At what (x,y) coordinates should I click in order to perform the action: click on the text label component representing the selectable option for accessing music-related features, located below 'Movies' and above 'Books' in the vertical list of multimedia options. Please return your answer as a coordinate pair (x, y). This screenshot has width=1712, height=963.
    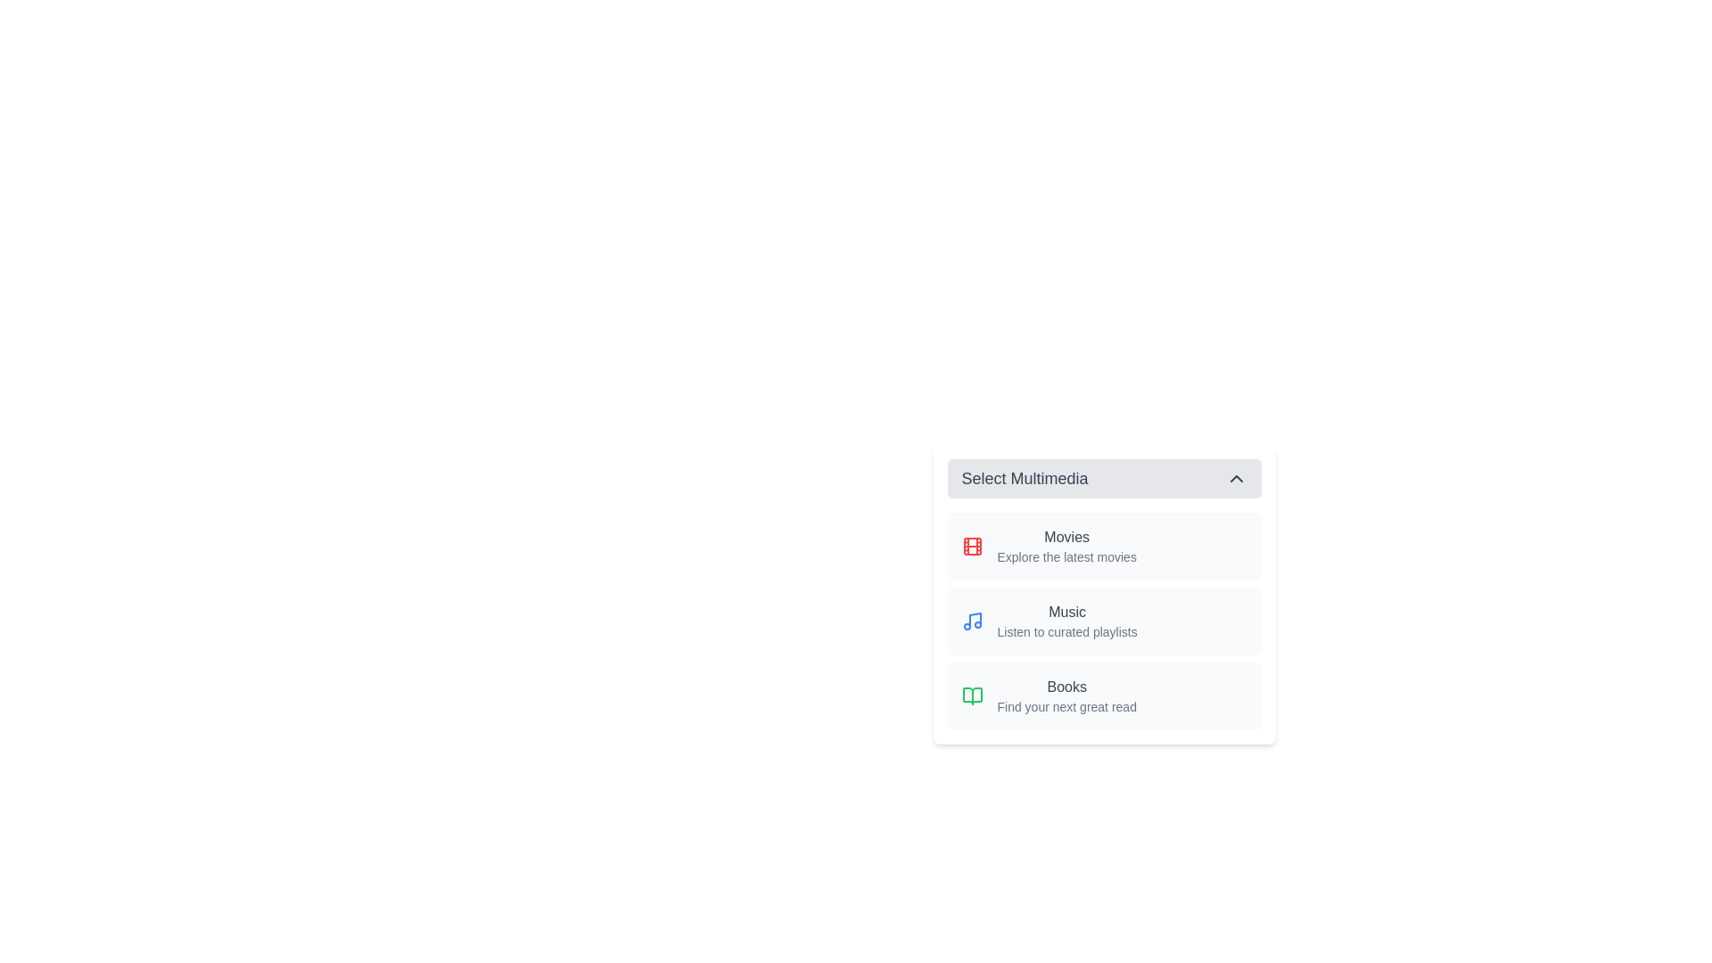
    Looking at the image, I should click on (1067, 621).